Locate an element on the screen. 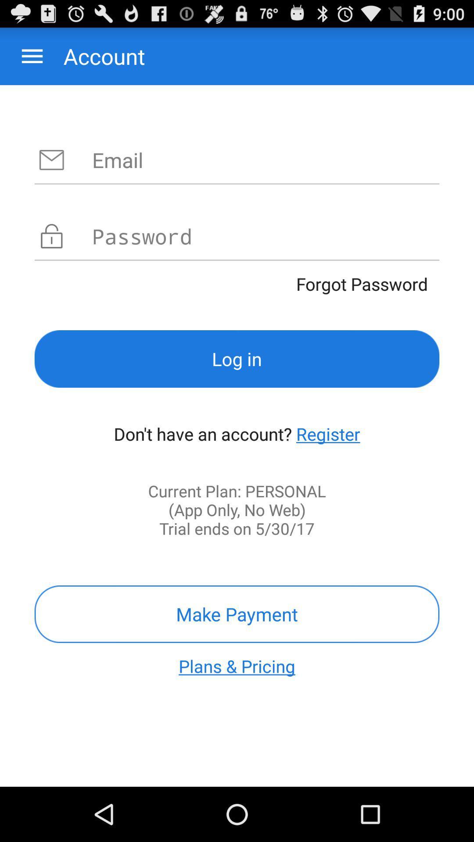 This screenshot has height=842, width=474. the menu icon is located at coordinates (32, 60).